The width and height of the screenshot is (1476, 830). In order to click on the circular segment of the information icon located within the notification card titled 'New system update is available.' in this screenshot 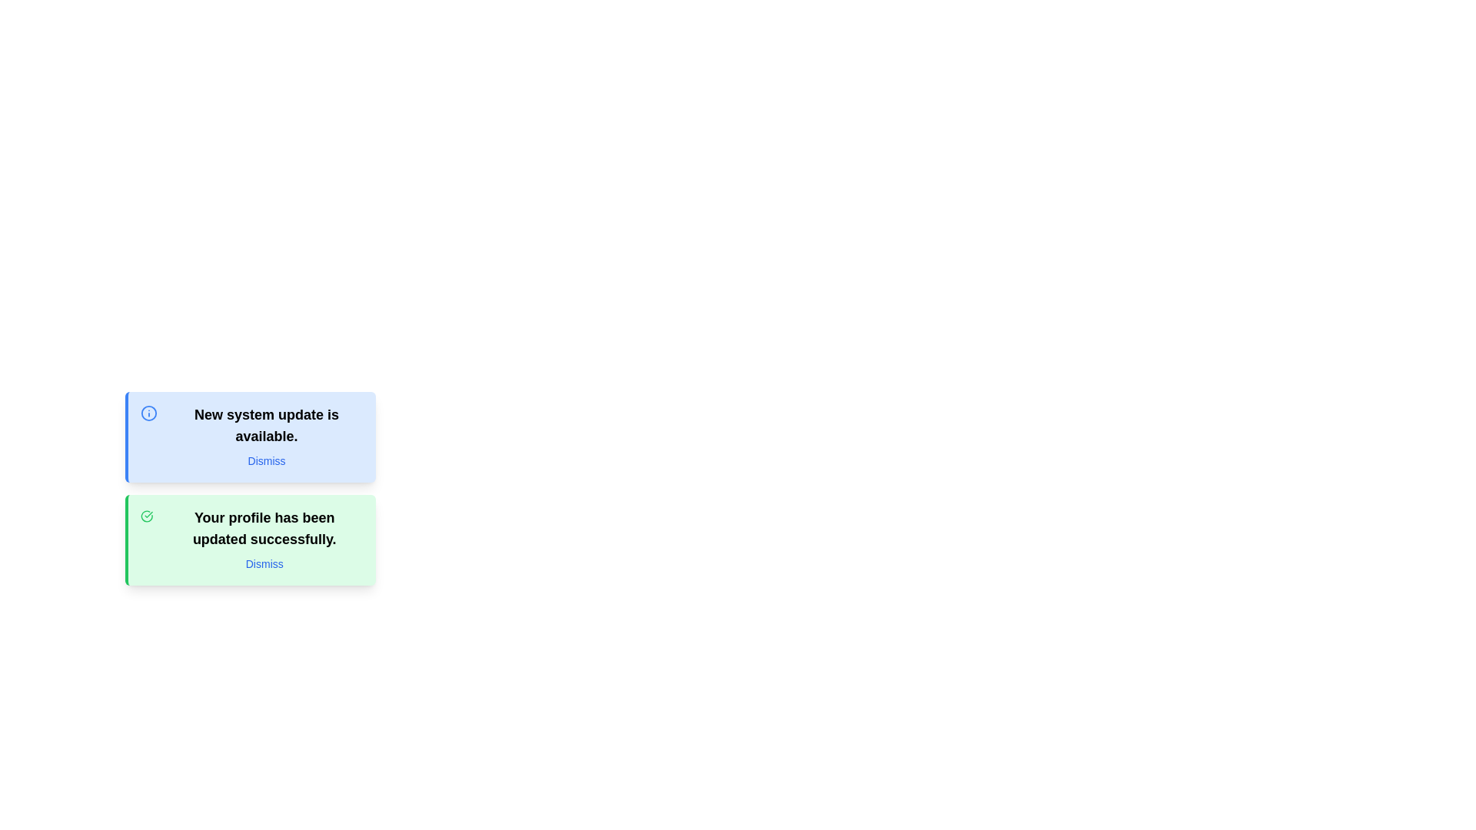, I will do `click(149, 412)`.